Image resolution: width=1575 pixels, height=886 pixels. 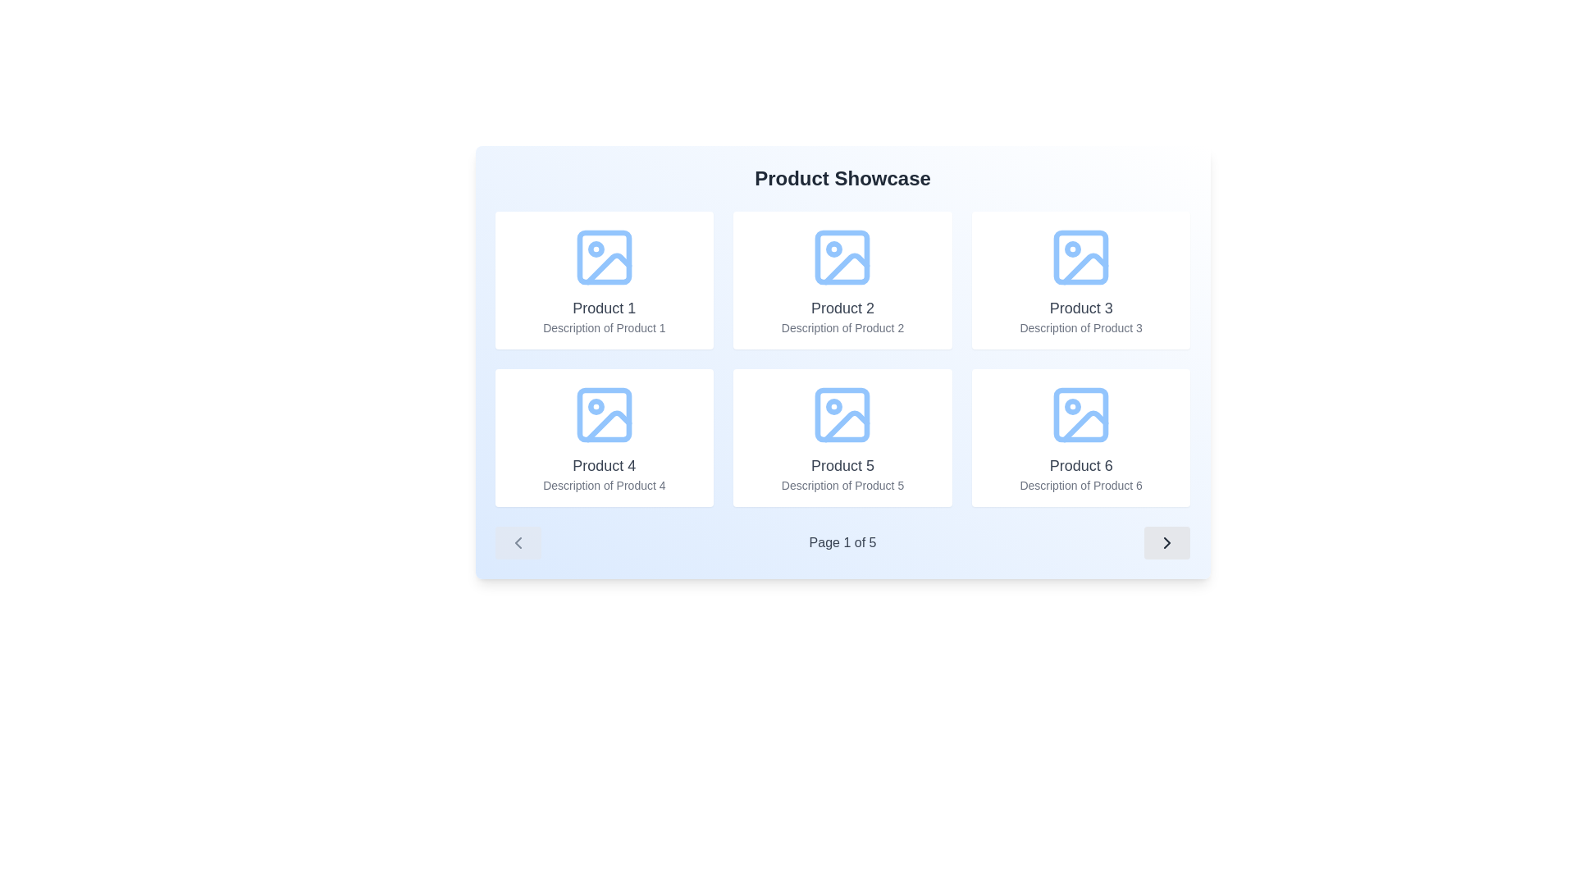 I want to click on the top-left image placeholder icon in the grid below 'Product Showcase', so click(x=603, y=257).